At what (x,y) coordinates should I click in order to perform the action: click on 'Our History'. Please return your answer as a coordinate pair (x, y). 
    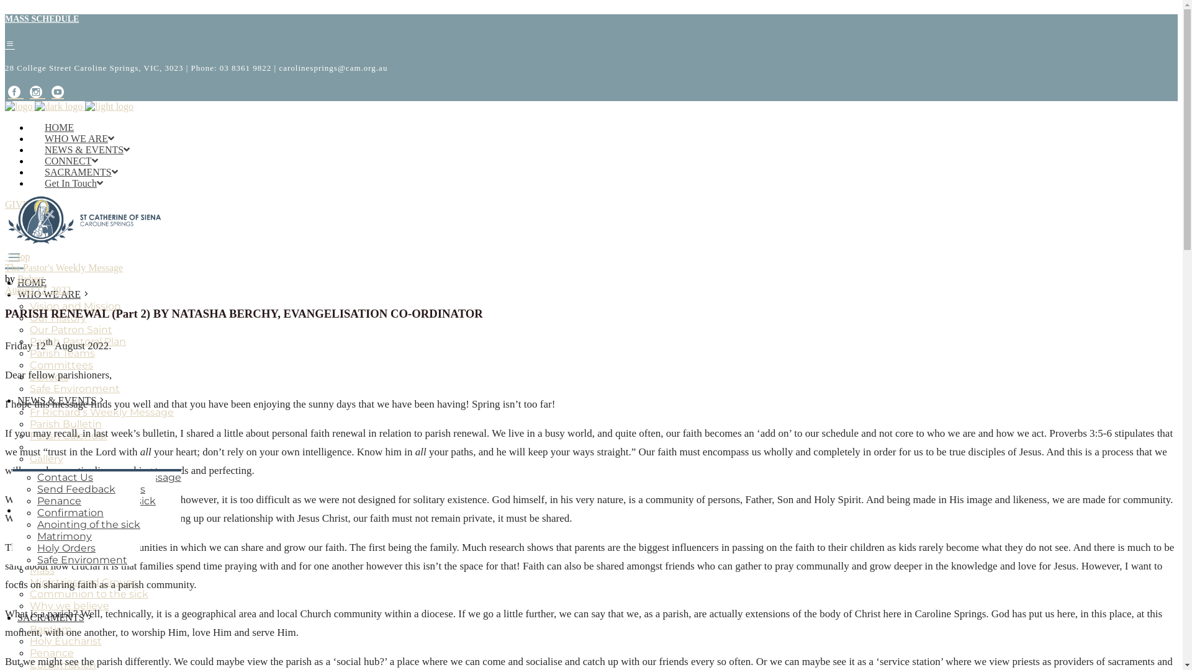
    Looking at the image, I should click on (57, 317).